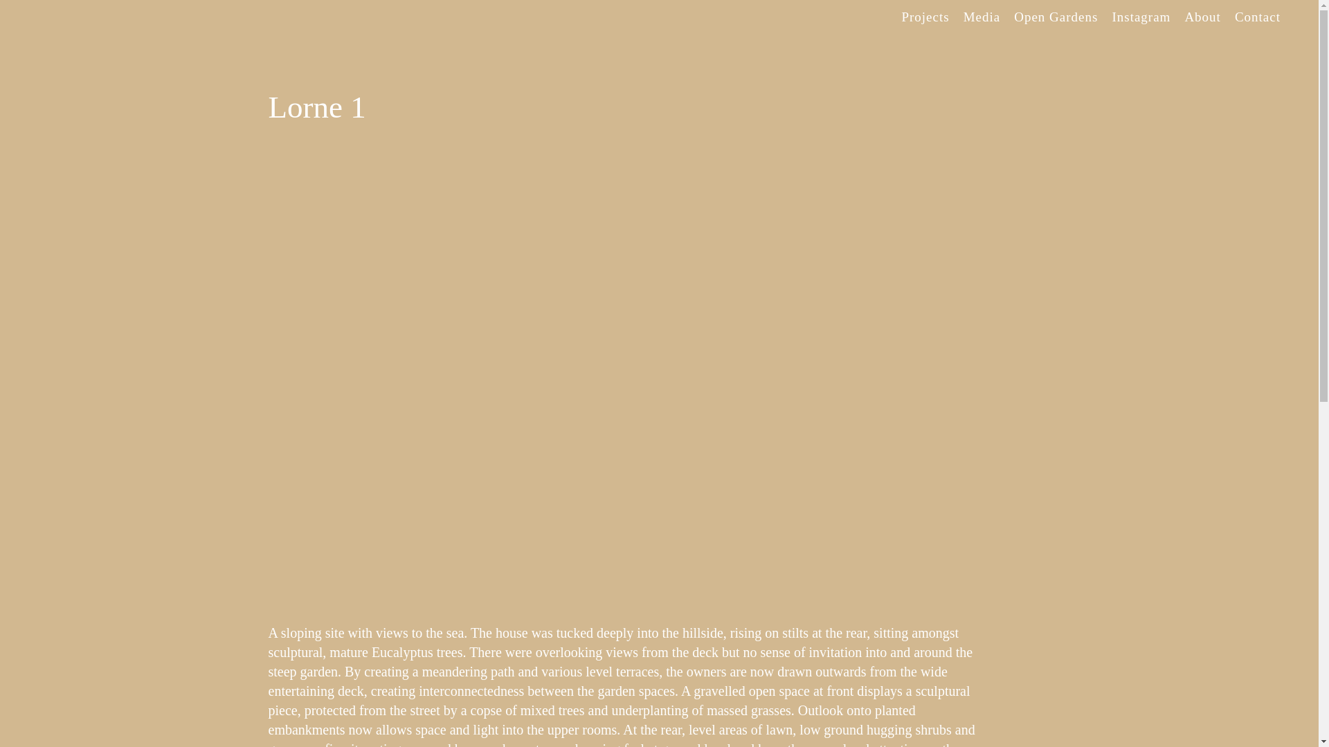 The width and height of the screenshot is (1329, 747). What do you see at coordinates (925, 17) in the screenshot?
I see `'Projects'` at bounding box center [925, 17].